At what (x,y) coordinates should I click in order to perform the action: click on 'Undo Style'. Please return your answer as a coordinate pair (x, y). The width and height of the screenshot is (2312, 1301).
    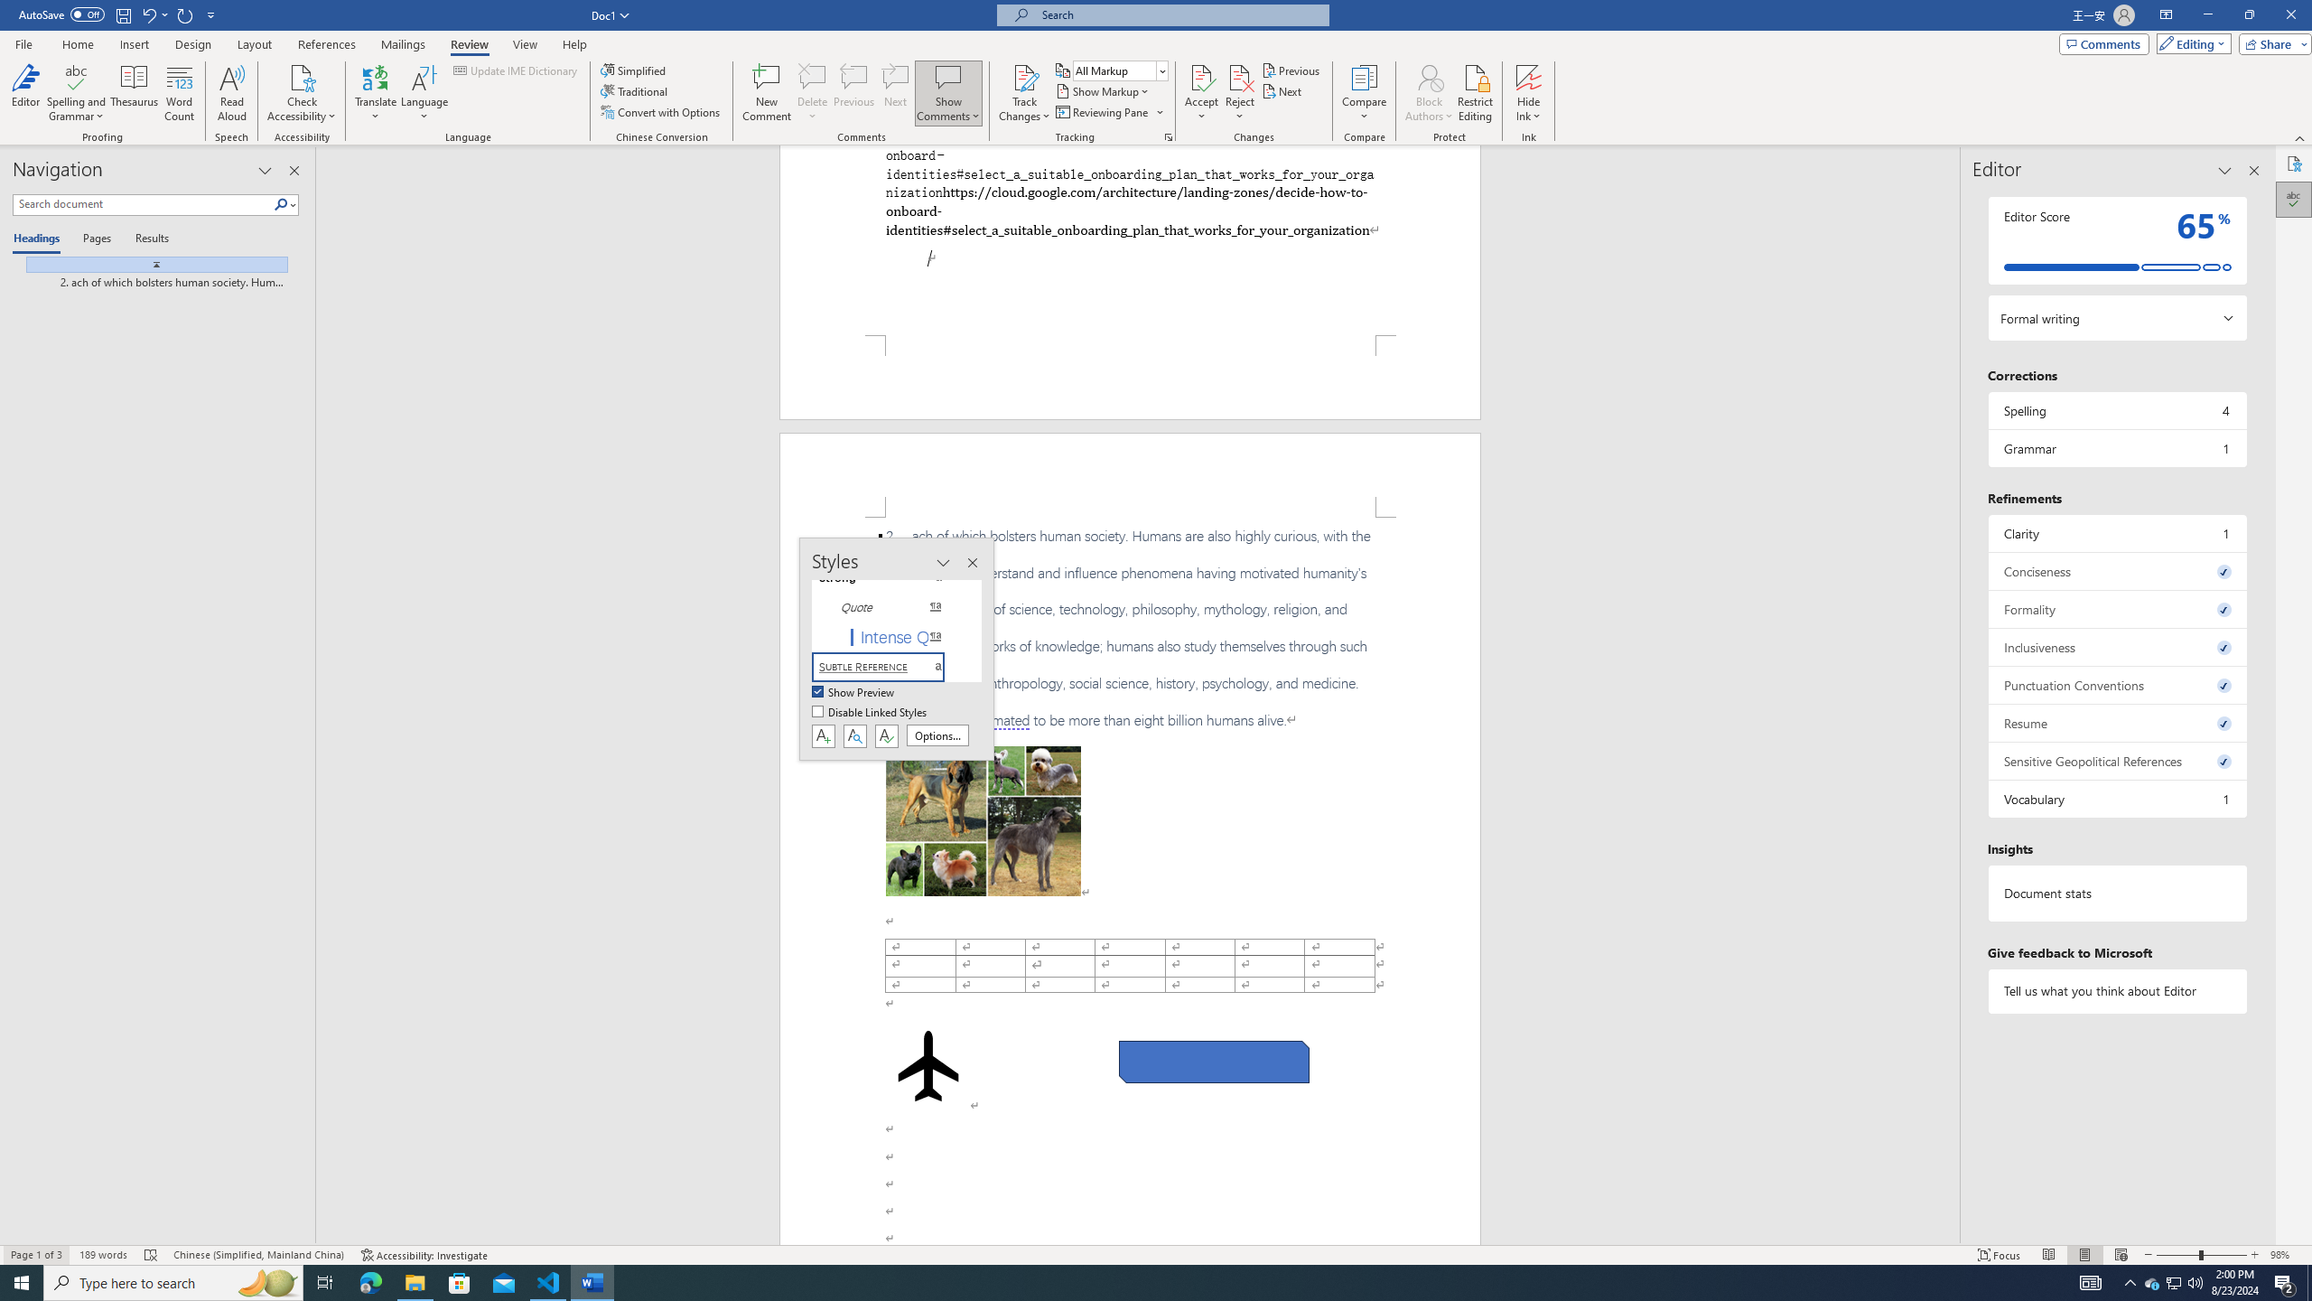
    Looking at the image, I should click on (154, 14).